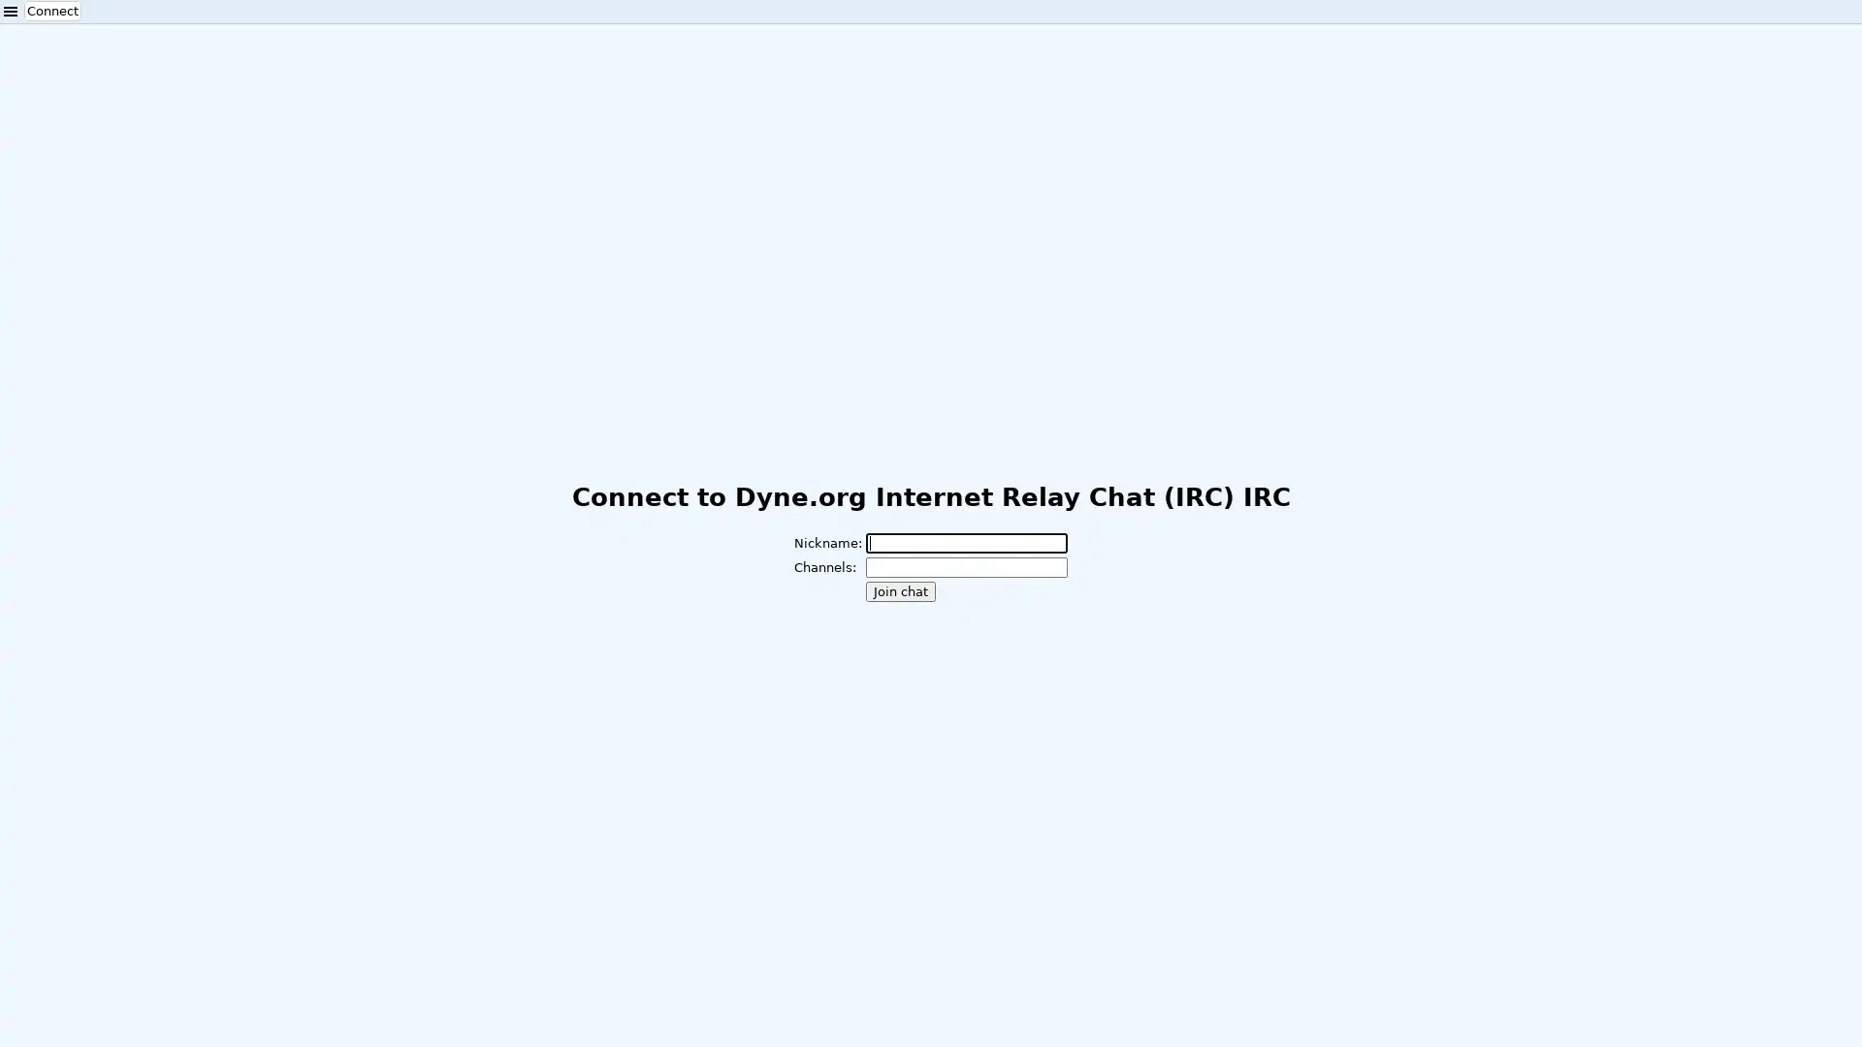 This screenshot has width=1862, height=1047. Describe the element at coordinates (900, 590) in the screenshot. I see `Join chat` at that location.